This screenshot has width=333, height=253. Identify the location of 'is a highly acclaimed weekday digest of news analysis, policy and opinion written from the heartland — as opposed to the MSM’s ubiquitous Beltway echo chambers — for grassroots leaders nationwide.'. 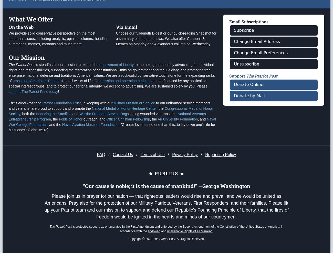
(163, 16).